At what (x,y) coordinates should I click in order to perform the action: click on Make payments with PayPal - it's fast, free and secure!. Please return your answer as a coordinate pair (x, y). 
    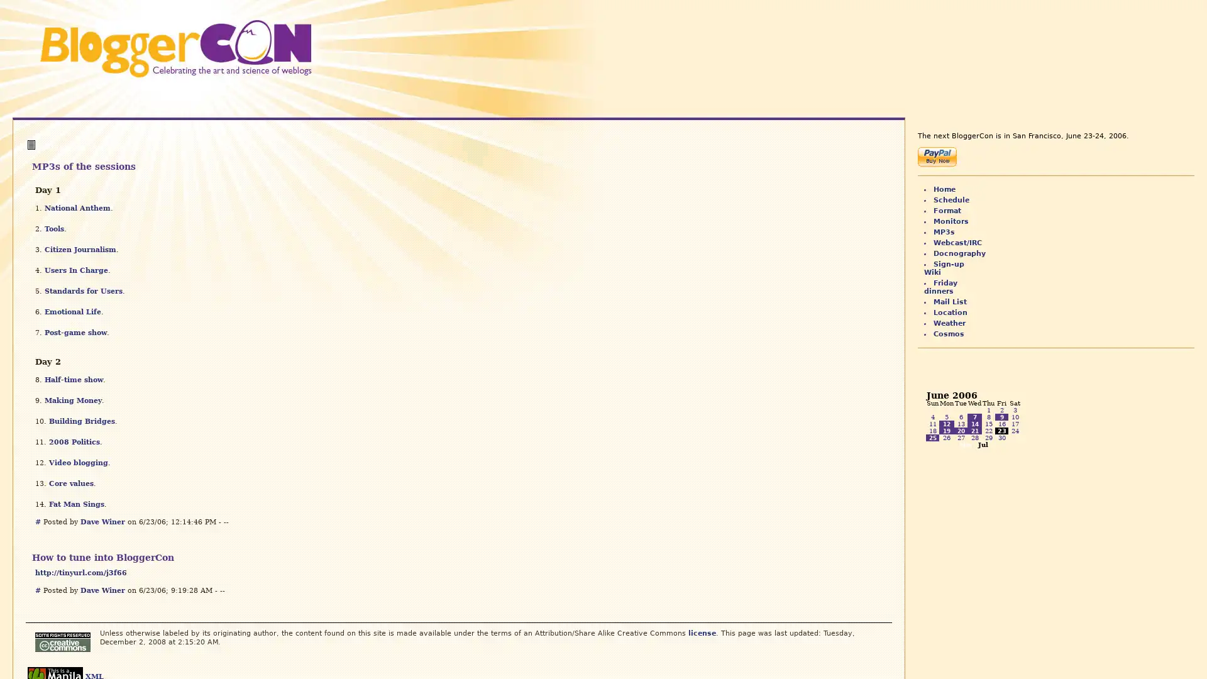
    Looking at the image, I should click on (937, 156).